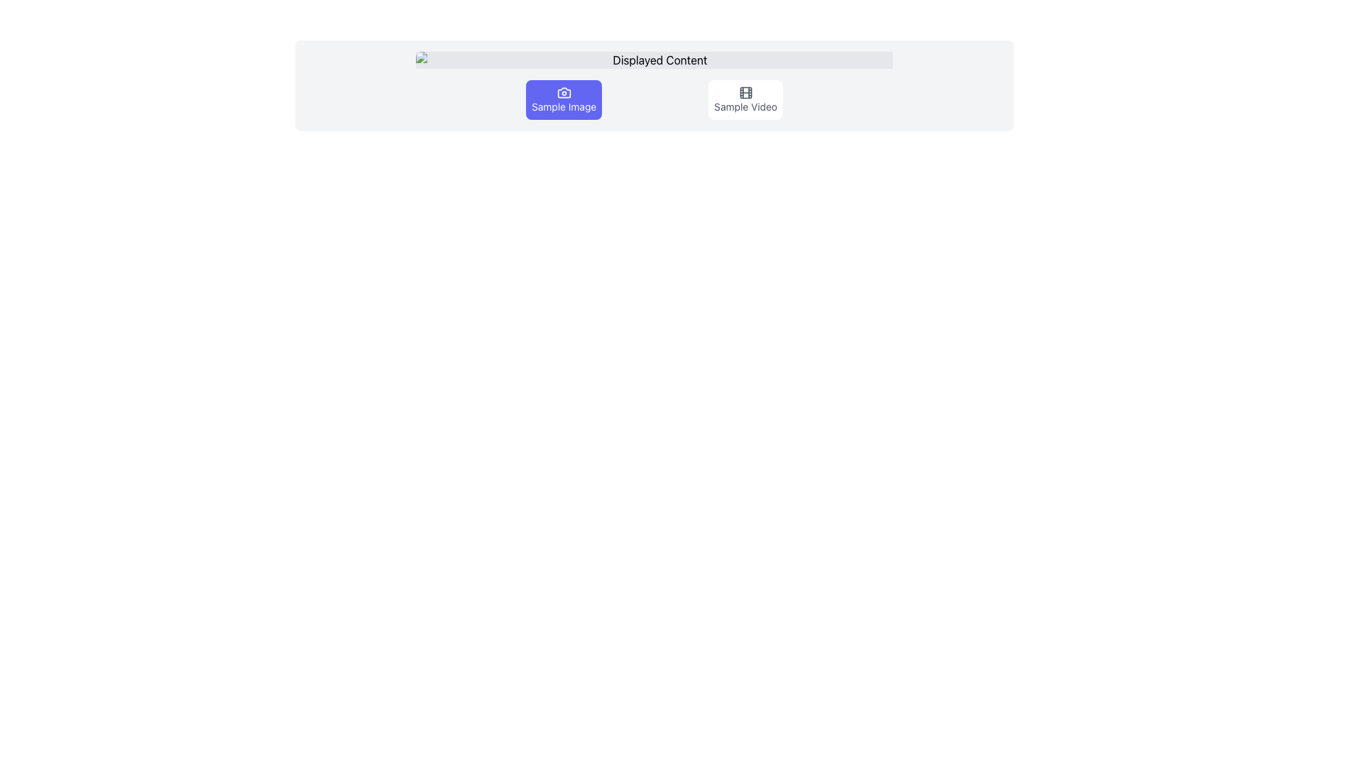  Describe the element at coordinates (745, 106) in the screenshot. I see `the static text element labeled 'Sample Video', which provides information about video-related functionality and is positioned centrally beneath 'Displayed Content'` at that location.